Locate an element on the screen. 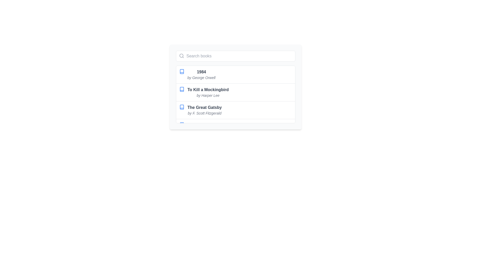  the text label displaying 'by F. Scott Fitzgerald' in gray italicized font, positioned directly below 'The Great Gatsby' in the structured list of book titles is located at coordinates (204, 113).